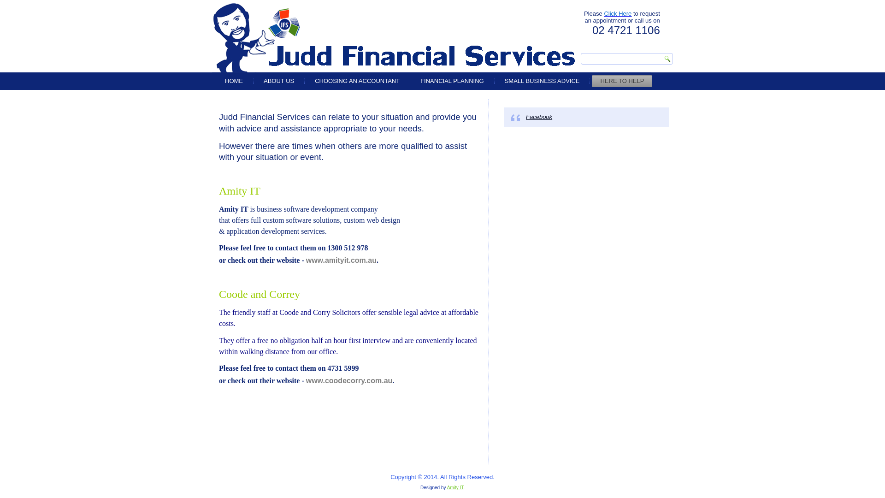  I want to click on 'Amity IT', so click(455, 487).